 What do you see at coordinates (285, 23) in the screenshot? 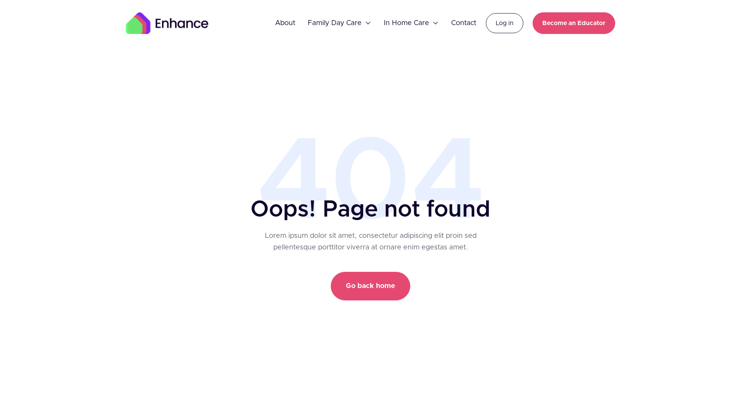
I see `'About'` at bounding box center [285, 23].